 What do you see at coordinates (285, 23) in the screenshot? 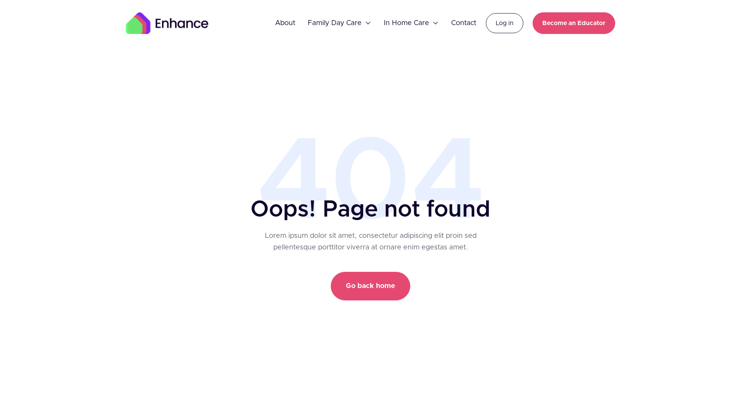
I see `'About'` at bounding box center [285, 23].